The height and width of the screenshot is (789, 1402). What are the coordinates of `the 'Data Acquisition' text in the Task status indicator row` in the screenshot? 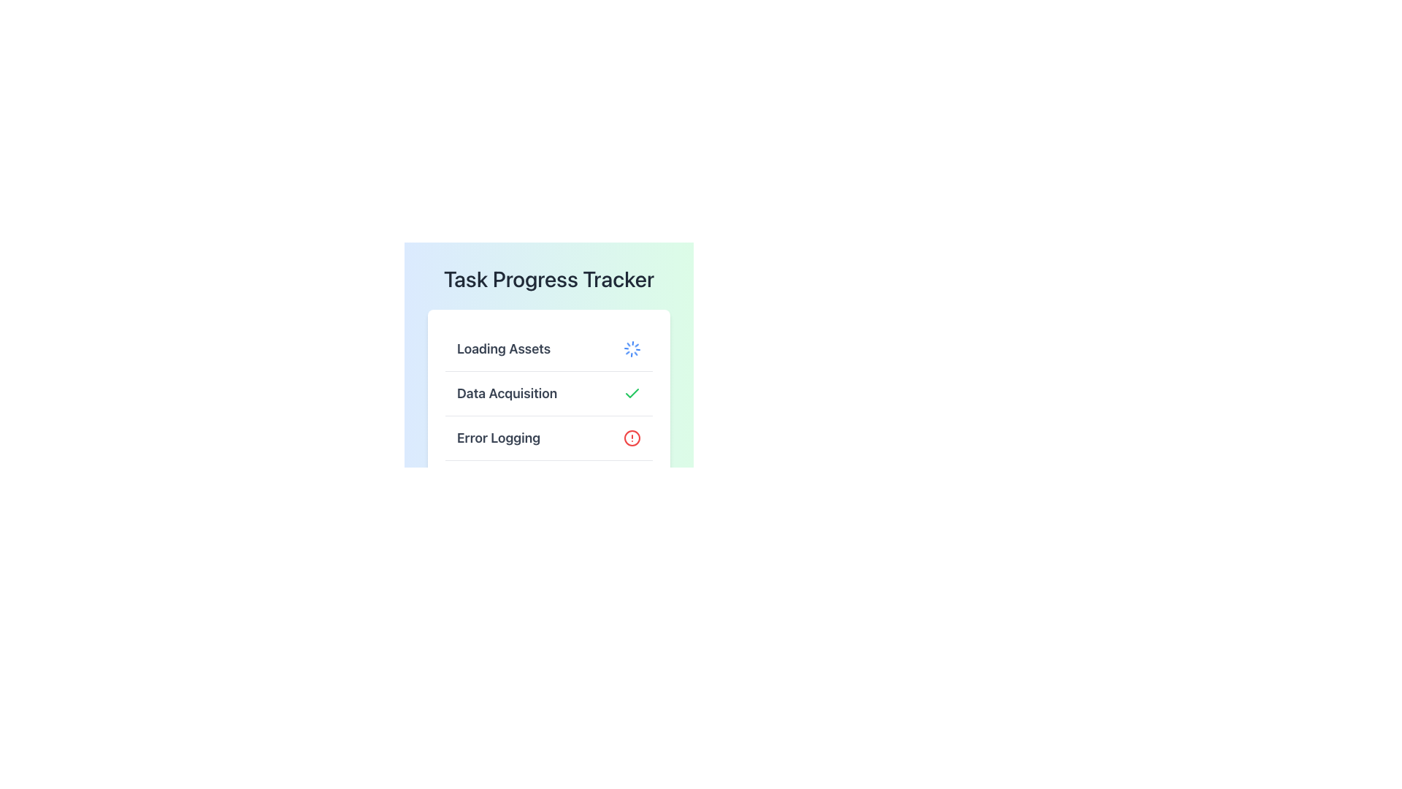 It's located at (548, 393).